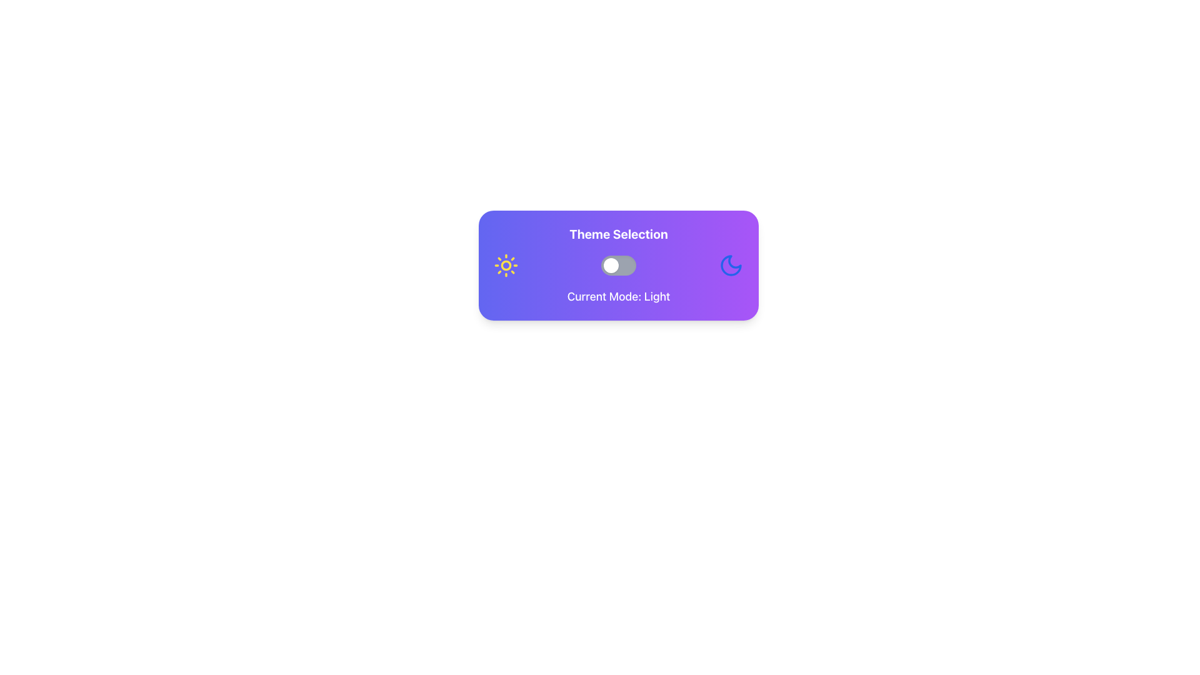 The height and width of the screenshot is (675, 1200). What do you see at coordinates (611, 264) in the screenshot?
I see `the Toggle Switch Knob, which is a small circular component on the left side of the toggle switch indicating the light mode selection under 'Current Mode: Light'` at bounding box center [611, 264].